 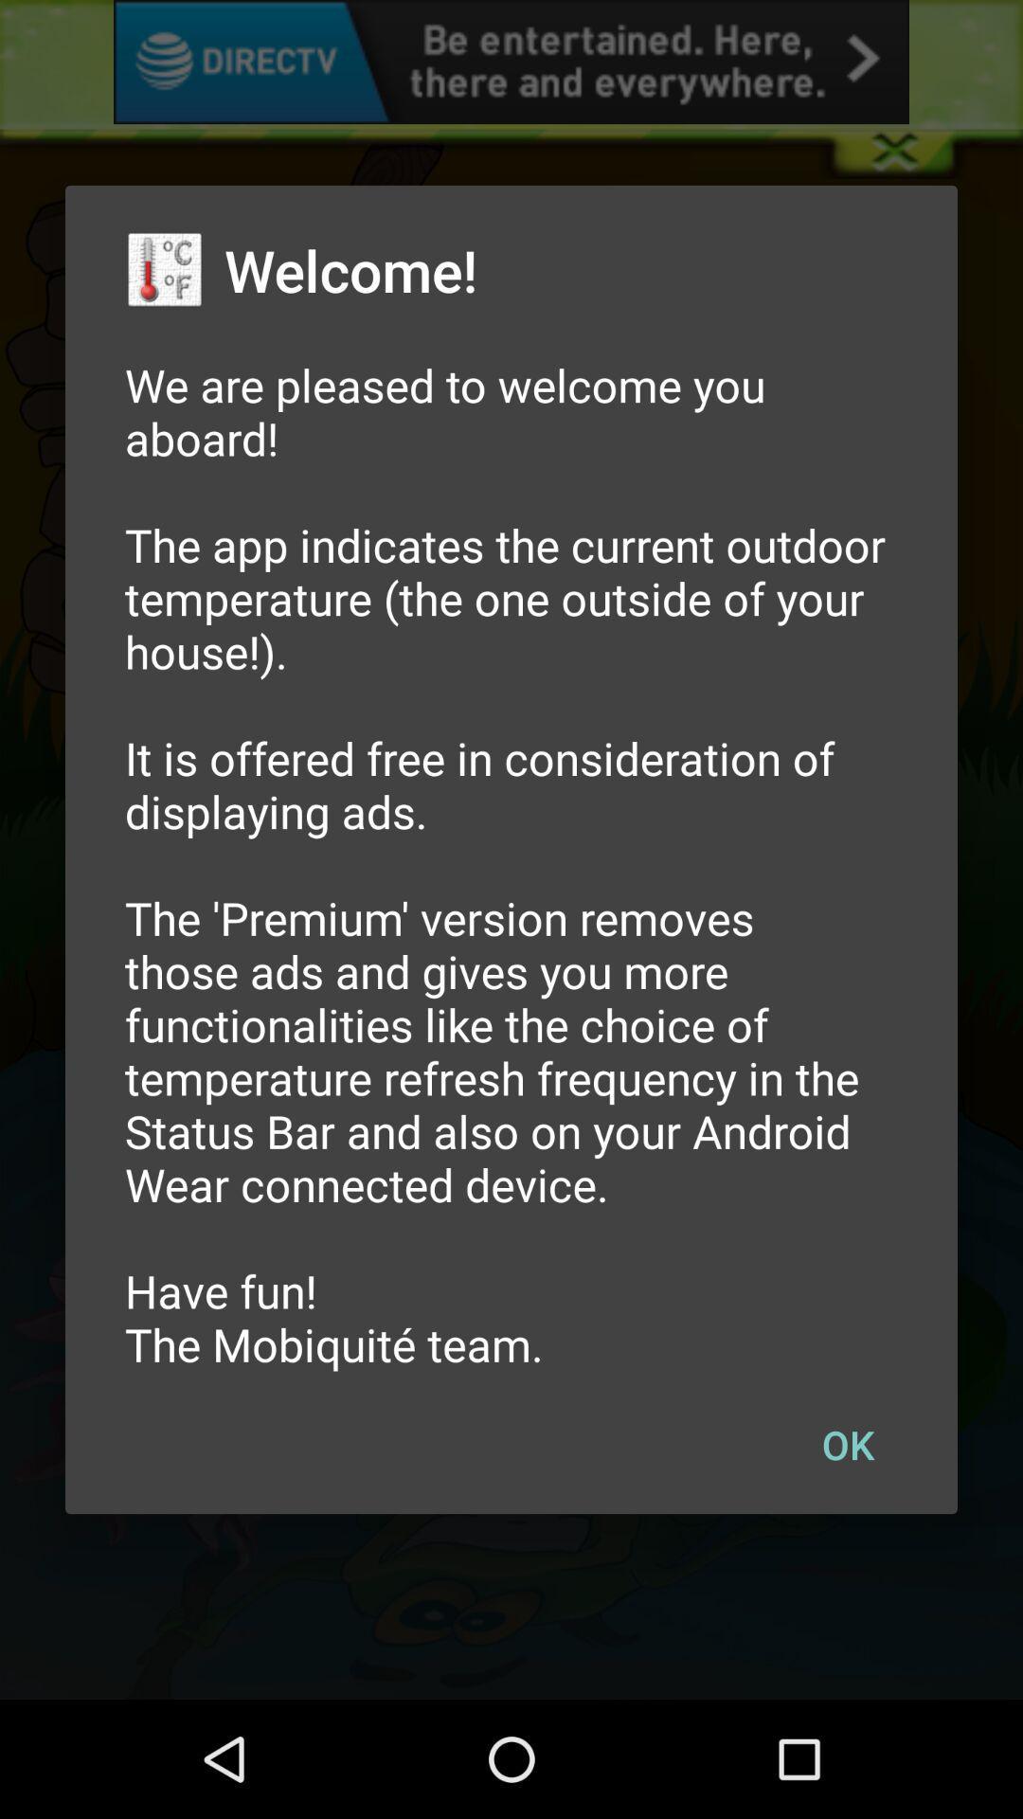 What do you see at coordinates (847, 1443) in the screenshot?
I see `ok` at bounding box center [847, 1443].